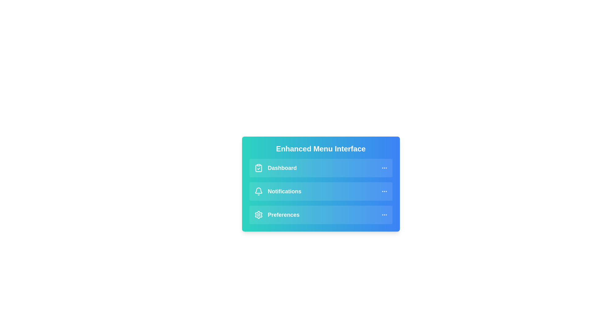 Image resolution: width=592 pixels, height=333 pixels. Describe the element at coordinates (275, 168) in the screenshot. I see `the first menu item that navigates to the Dashboard section of the application` at that location.